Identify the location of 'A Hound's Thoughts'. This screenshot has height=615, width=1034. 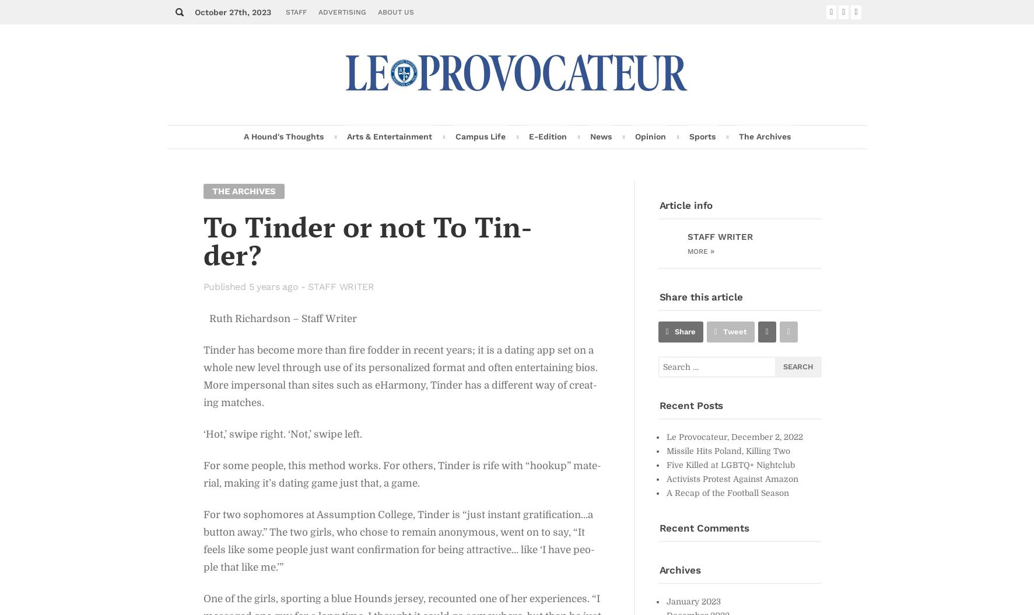
(282, 136).